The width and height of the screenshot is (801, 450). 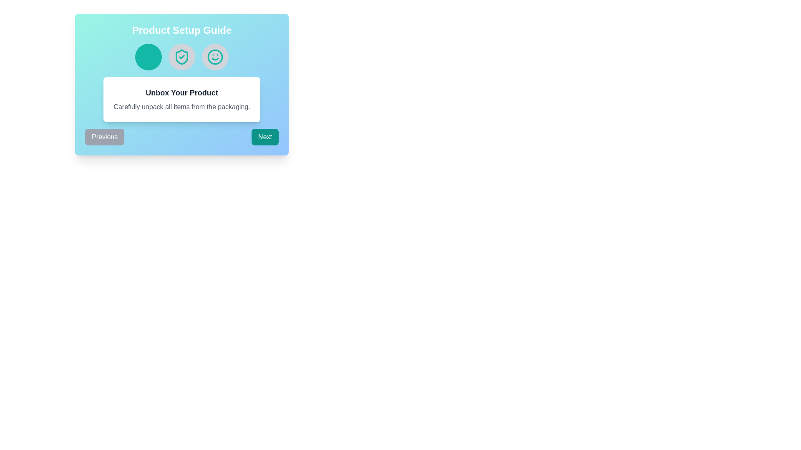 I want to click on the 'Next' button located at the bottom right of the 'Product Setup Guide' interface, so click(x=264, y=136).